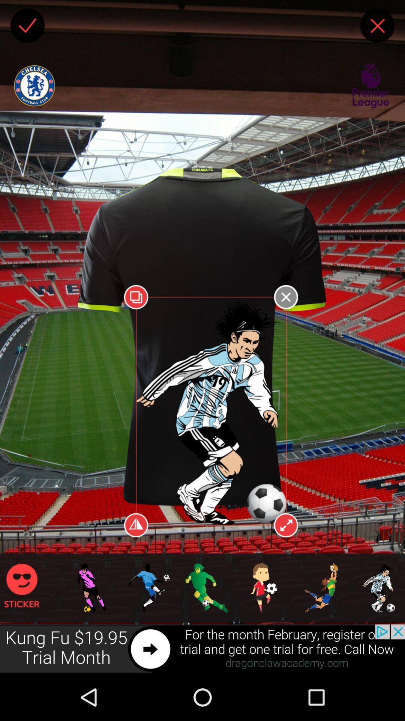 This screenshot has height=721, width=405. I want to click on the close icon, so click(377, 27).